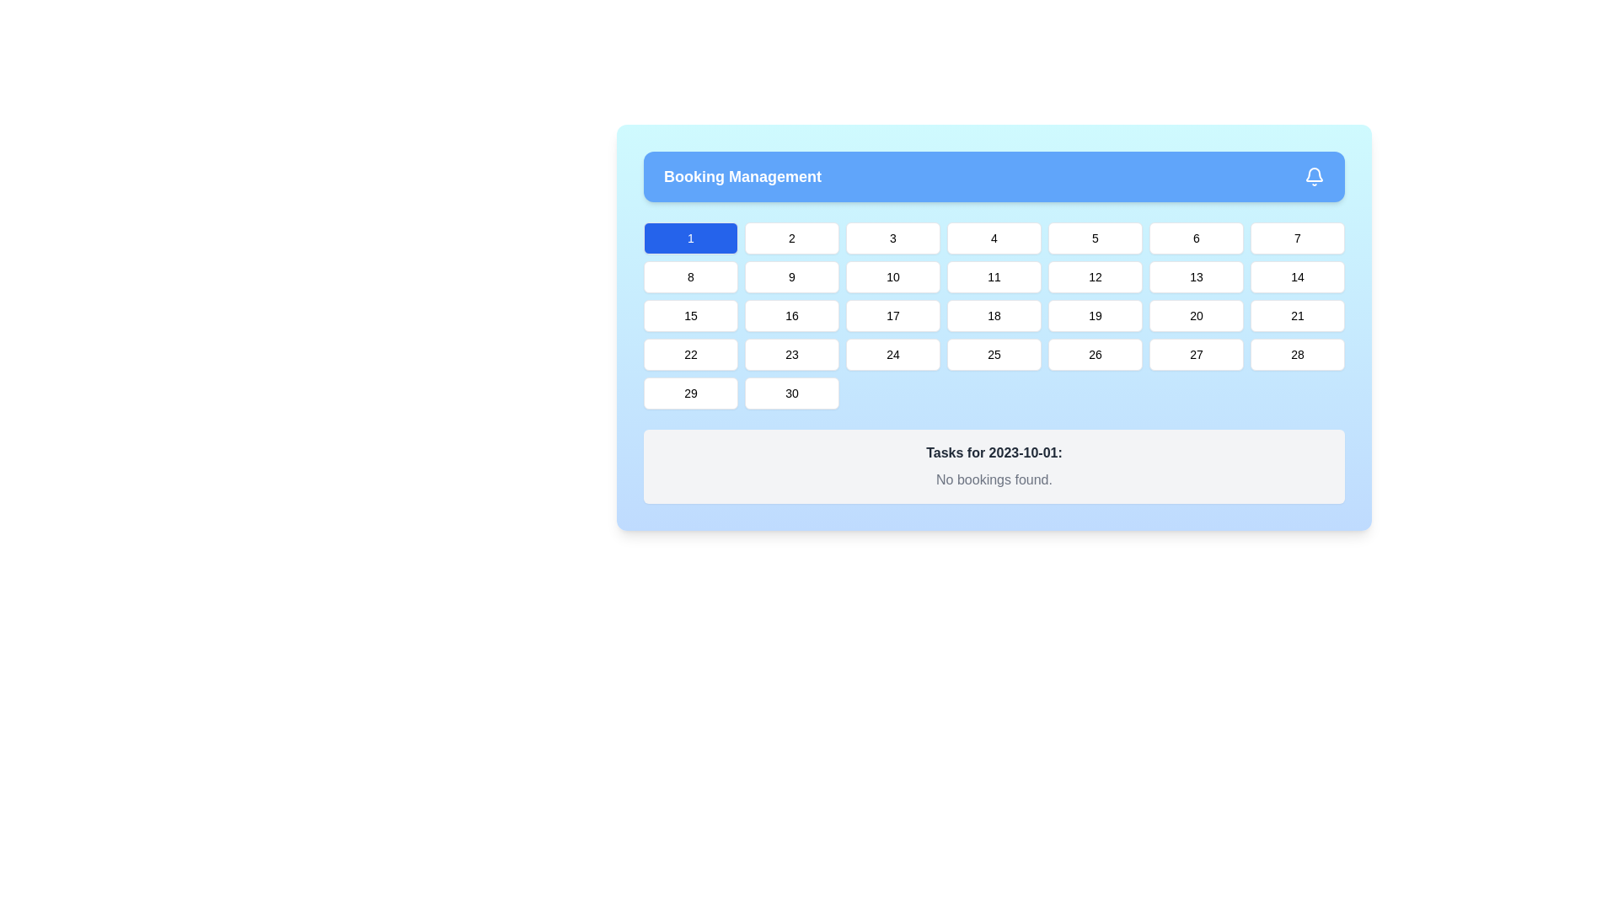 This screenshot has height=910, width=1618. I want to click on the button labeled '24', which is a rectangular button with rounded corners, white background, and a light shadow effect, located in the fourth row and fourth column of a grid layout, so click(892, 353).